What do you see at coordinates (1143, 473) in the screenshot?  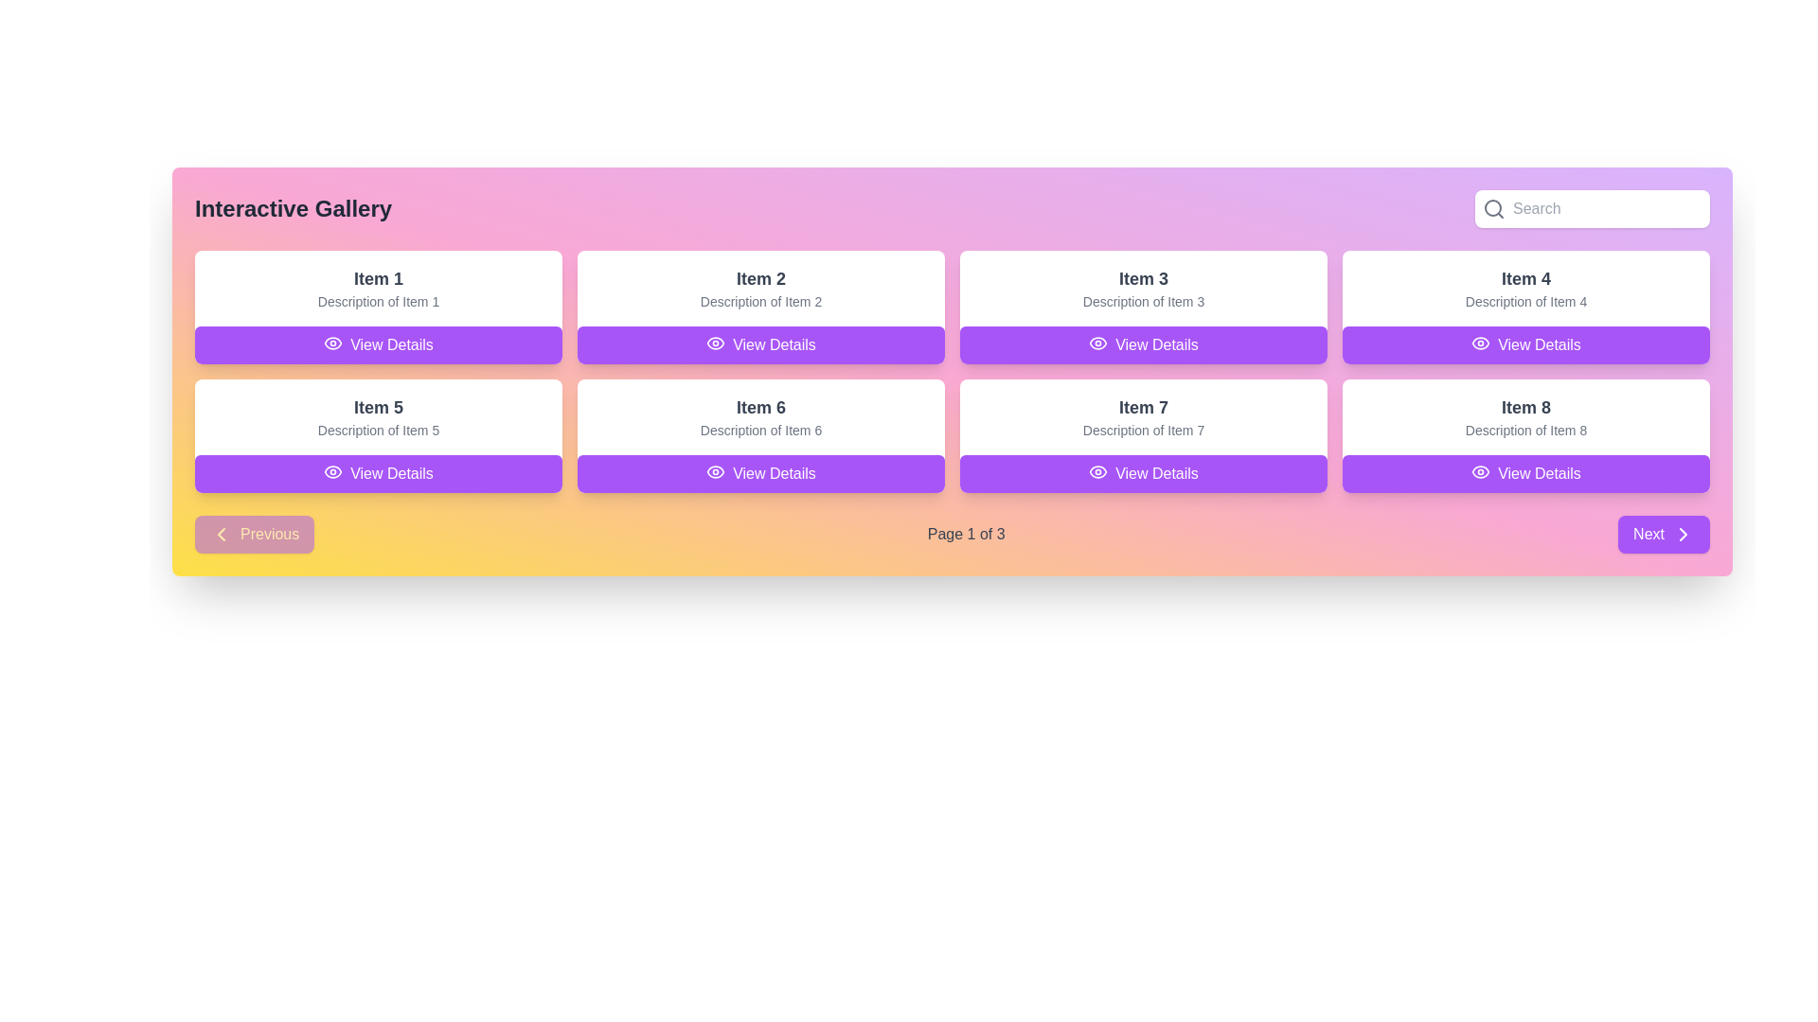 I see `the button with a solid purple background and white text that says 'View Details' located below 'Item 7' in the card's bottom-right corner` at bounding box center [1143, 473].